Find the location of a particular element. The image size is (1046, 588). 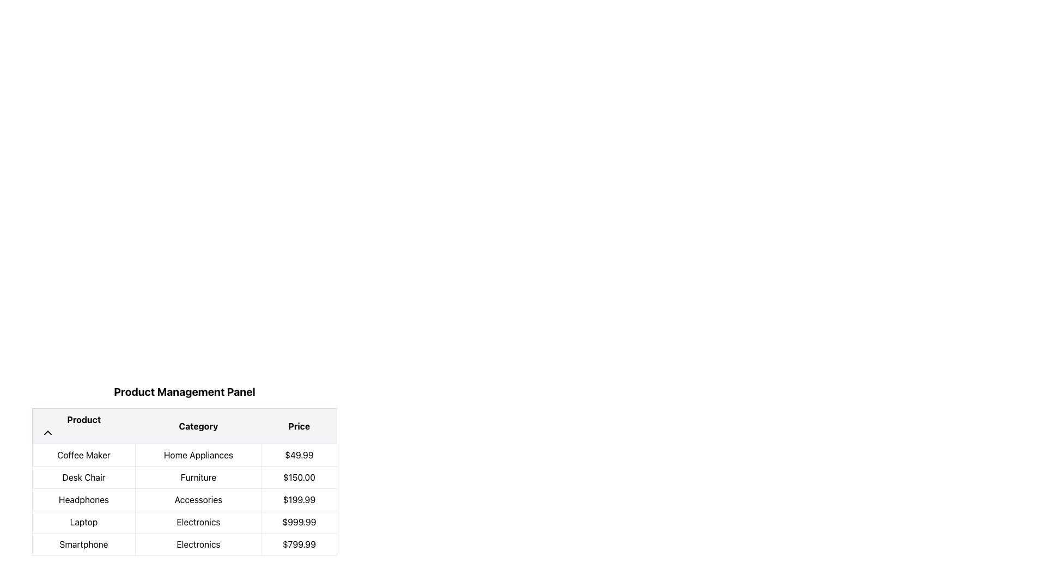

the non-interactive text label for 'Laptop' located in the first column of the second row of the table is located at coordinates (83, 522).